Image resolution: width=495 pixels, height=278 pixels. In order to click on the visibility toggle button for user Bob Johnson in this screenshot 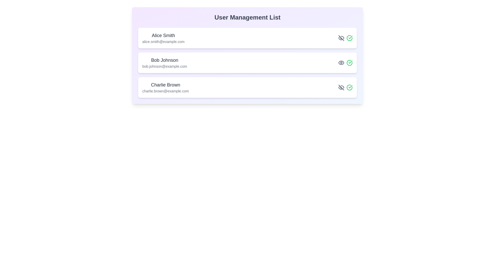, I will do `click(341, 62)`.